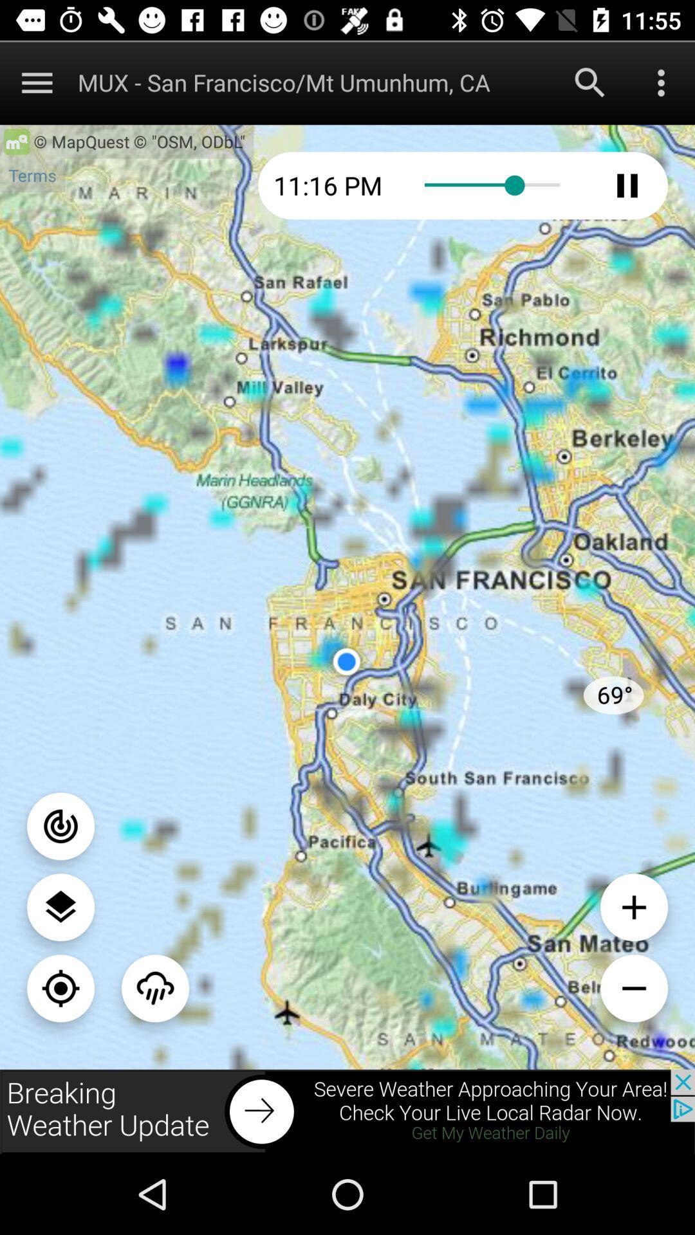 Image resolution: width=695 pixels, height=1235 pixels. What do you see at coordinates (60, 987) in the screenshot?
I see `the location_crosshair icon` at bounding box center [60, 987].